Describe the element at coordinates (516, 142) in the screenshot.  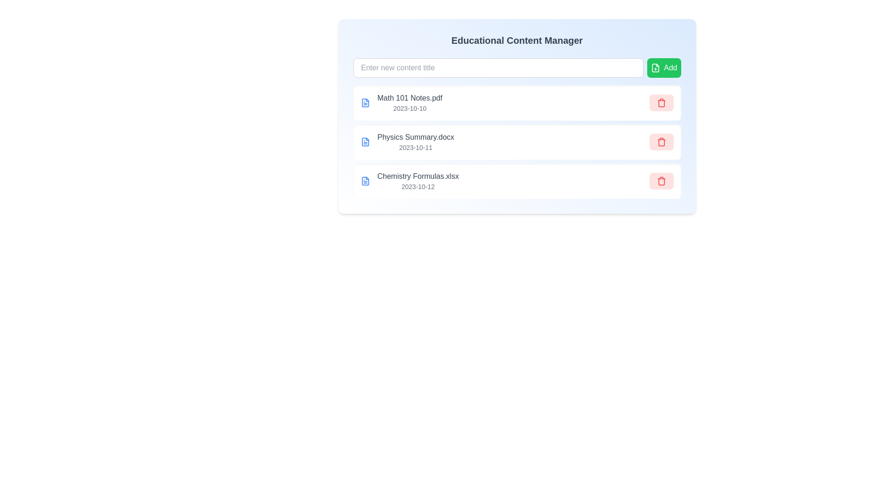
I see `the second file entry in the vertical file list` at that location.